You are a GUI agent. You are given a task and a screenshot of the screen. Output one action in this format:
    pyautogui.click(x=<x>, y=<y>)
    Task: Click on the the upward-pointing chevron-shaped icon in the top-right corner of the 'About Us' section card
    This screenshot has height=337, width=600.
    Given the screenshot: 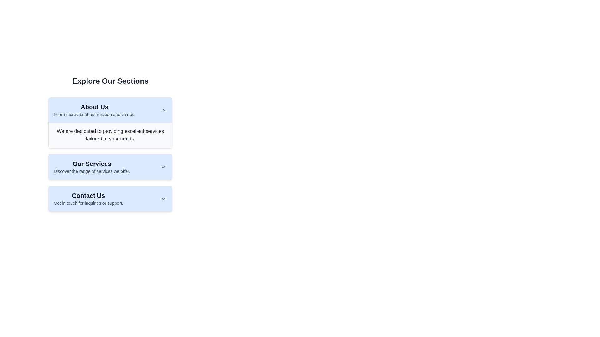 What is the action you would take?
    pyautogui.click(x=163, y=110)
    